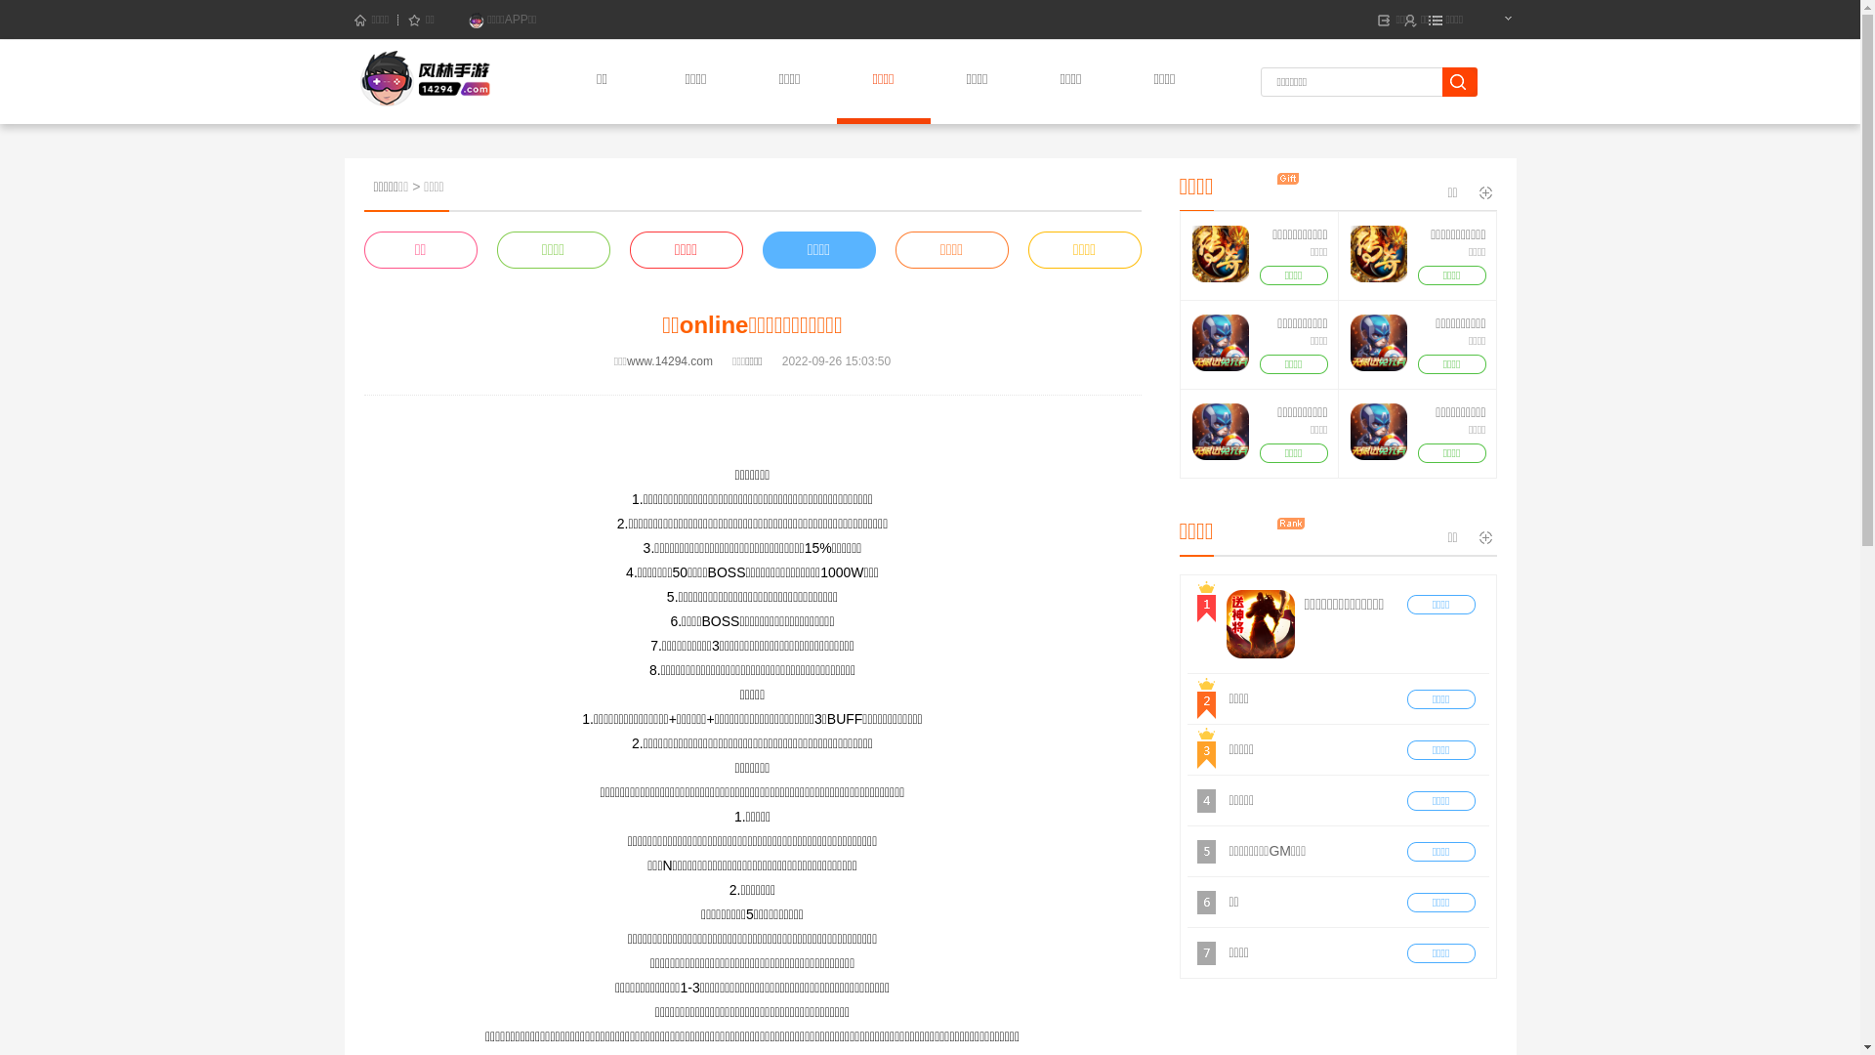  I want to click on 'www.14294.com', so click(670, 361).